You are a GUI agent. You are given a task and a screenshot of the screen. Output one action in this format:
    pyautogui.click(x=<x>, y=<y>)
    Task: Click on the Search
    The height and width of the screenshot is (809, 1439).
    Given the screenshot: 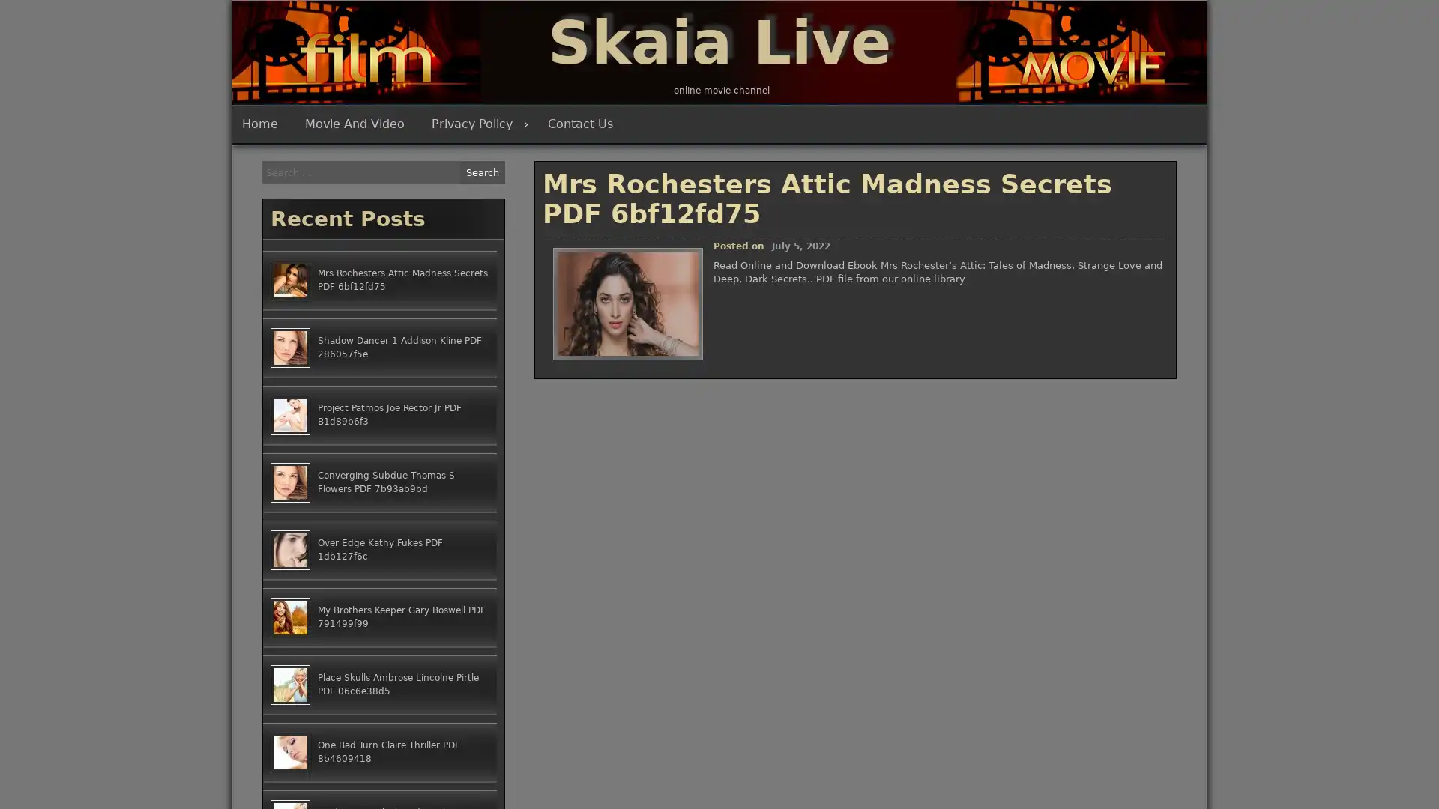 What is the action you would take?
    pyautogui.click(x=482, y=172)
    